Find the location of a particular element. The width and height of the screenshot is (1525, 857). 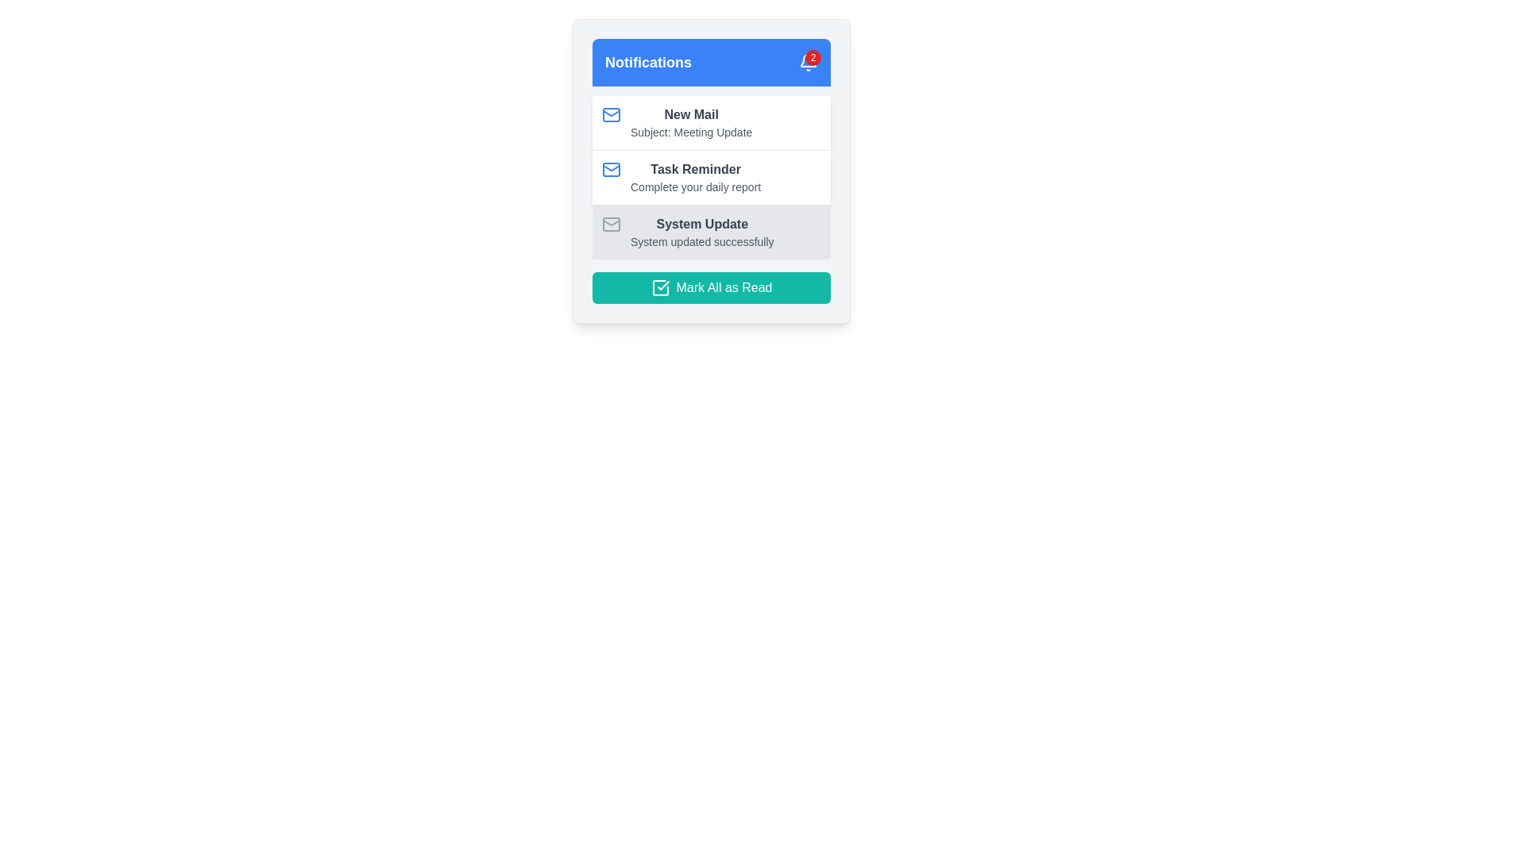

the mail or system update notification icon located in the bottom section of the notification card, specifically part of the 'System Update' row is located at coordinates (610, 224).